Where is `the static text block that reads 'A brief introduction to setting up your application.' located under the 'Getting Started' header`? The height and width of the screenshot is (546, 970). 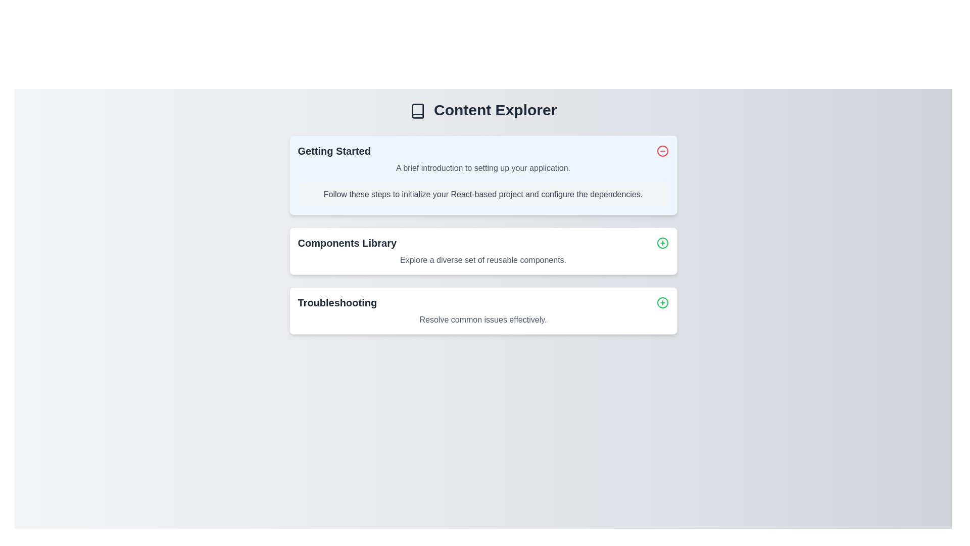 the static text block that reads 'A brief introduction to setting up your application.' located under the 'Getting Started' header is located at coordinates (482, 168).